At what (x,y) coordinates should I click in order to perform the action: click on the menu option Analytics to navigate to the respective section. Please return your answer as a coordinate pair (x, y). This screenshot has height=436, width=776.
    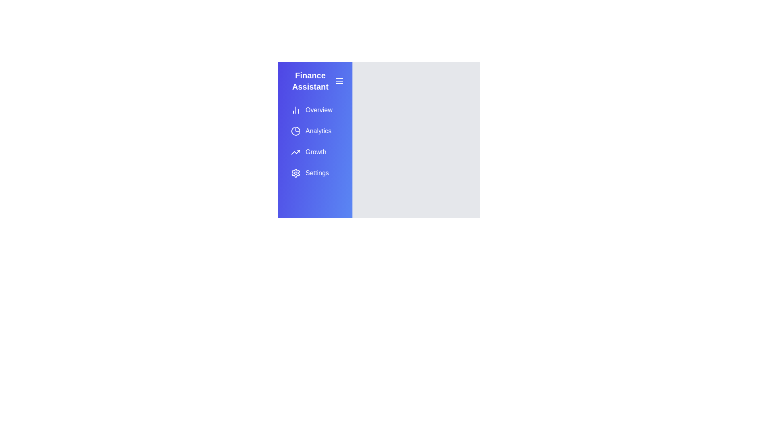
    Looking at the image, I should click on (314, 130).